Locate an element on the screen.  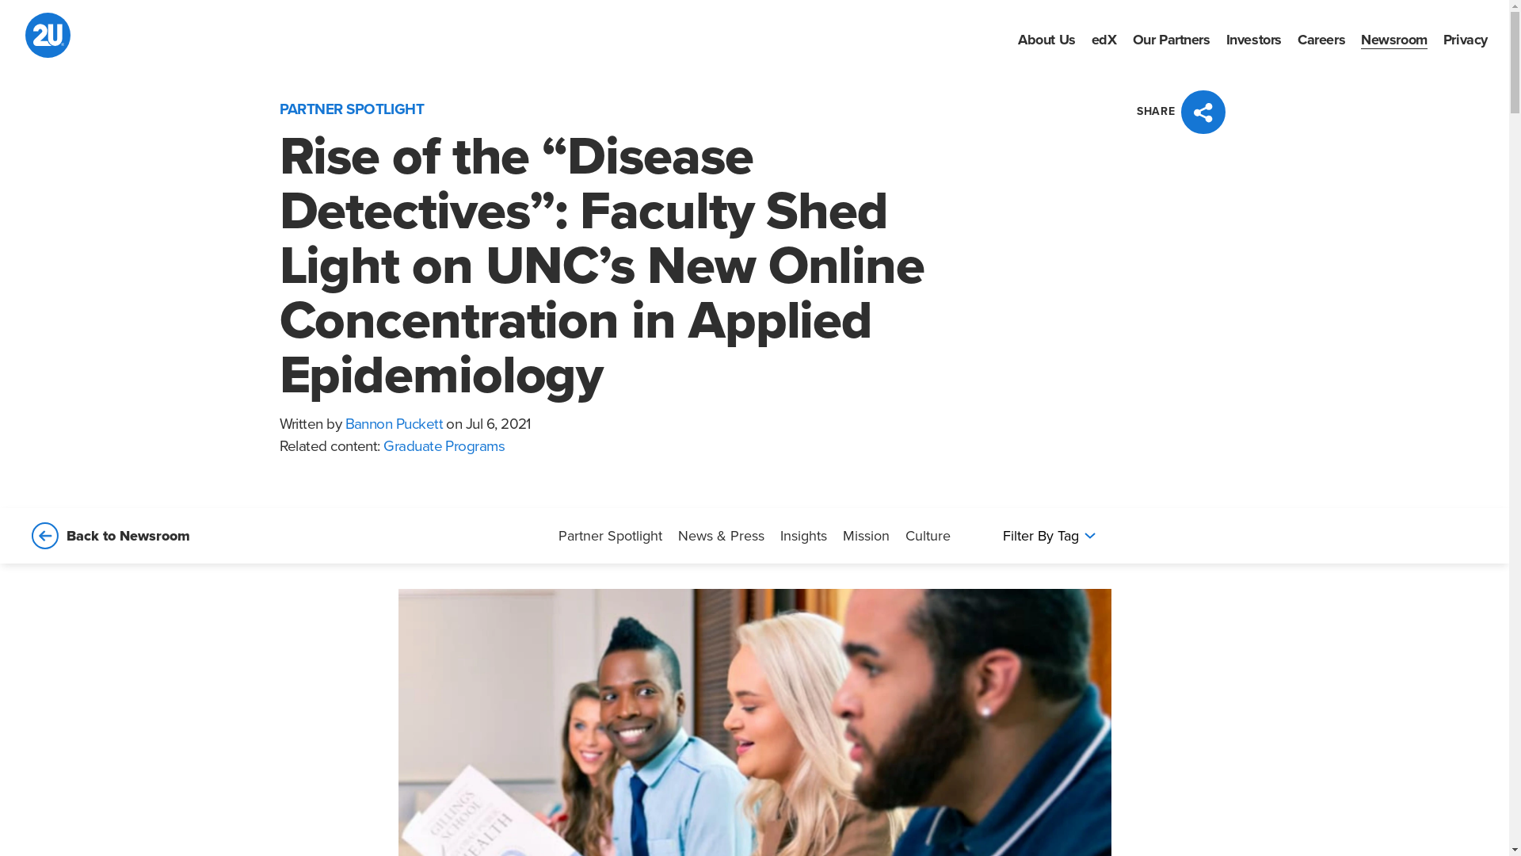
'Graduate Programs' is located at coordinates (444, 446).